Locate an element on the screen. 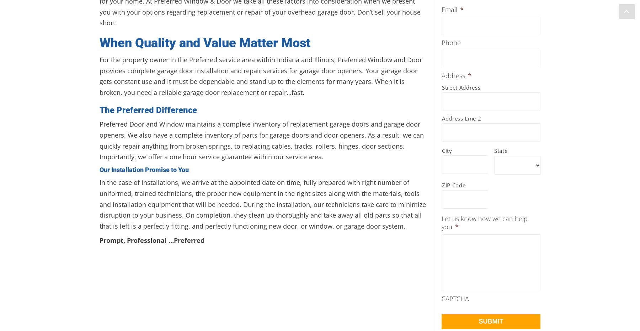  'For the property owner in the Preferred service area within Indiana and Illinois, Preferred Window and Door provides complete garage door installation and repair services for garage door openers. Your garage door gets constant use and it must be dependable and stand up to the elements for many years. When it is broken, you need a reliable garage door replacement or repair…fast.' is located at coordinates (260, 76).